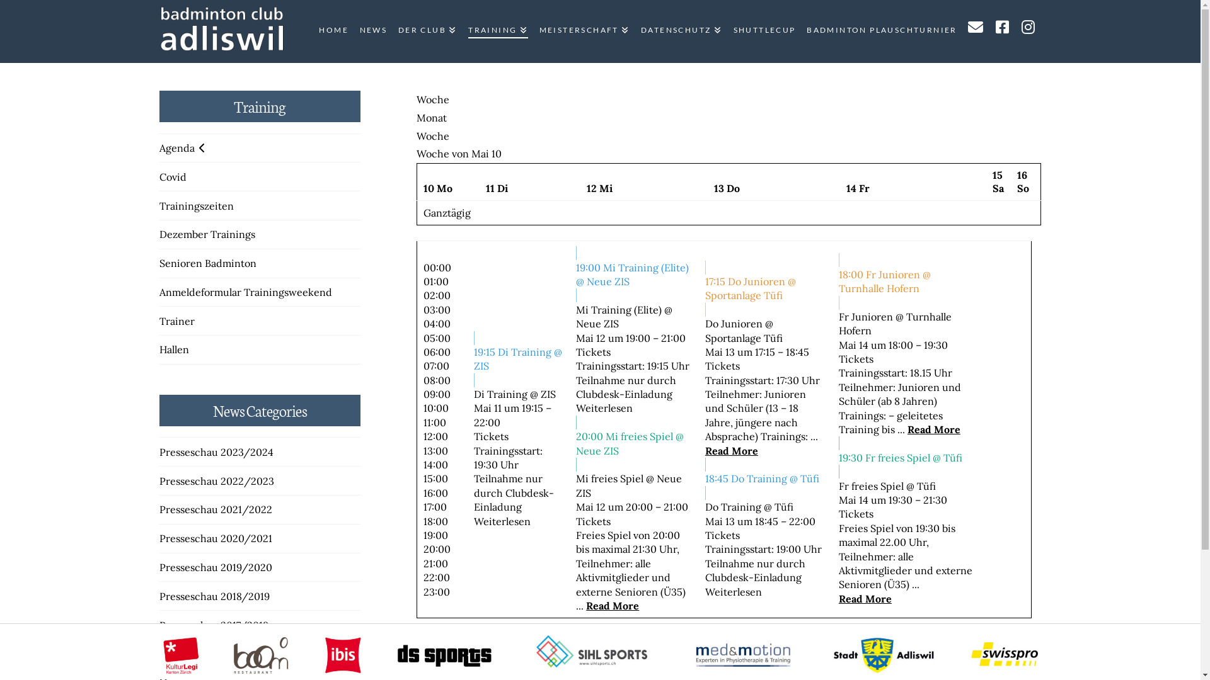 The width and height of the screenshot is (1210, 680). Describe the element at coordinates (207, 262) in the screenshot. I see `'Senioren Badminton'` at that location.